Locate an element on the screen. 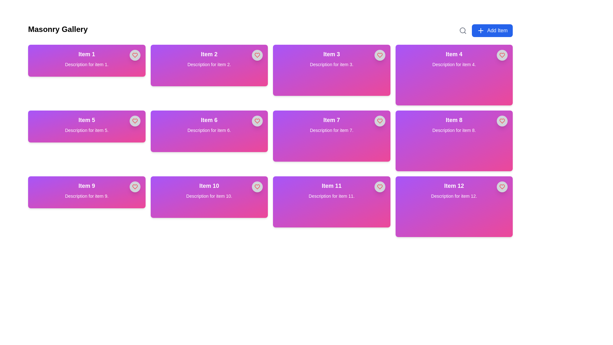  the heart-shaped icon button in the top-right corner of the 'Item 2' card is located at coordinates (257, 55).